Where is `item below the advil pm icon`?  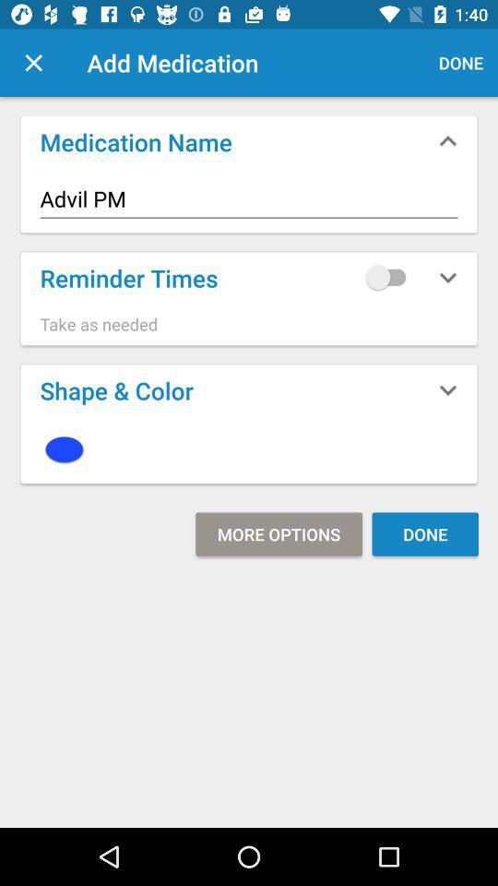
item below the advil pm icon is located at coordinates (389, 276).